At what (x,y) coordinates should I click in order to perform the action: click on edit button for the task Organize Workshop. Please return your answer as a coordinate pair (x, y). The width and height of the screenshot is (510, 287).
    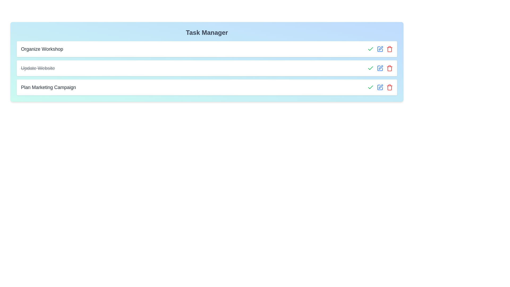
    Looking at the image, I should click on (380, 49).